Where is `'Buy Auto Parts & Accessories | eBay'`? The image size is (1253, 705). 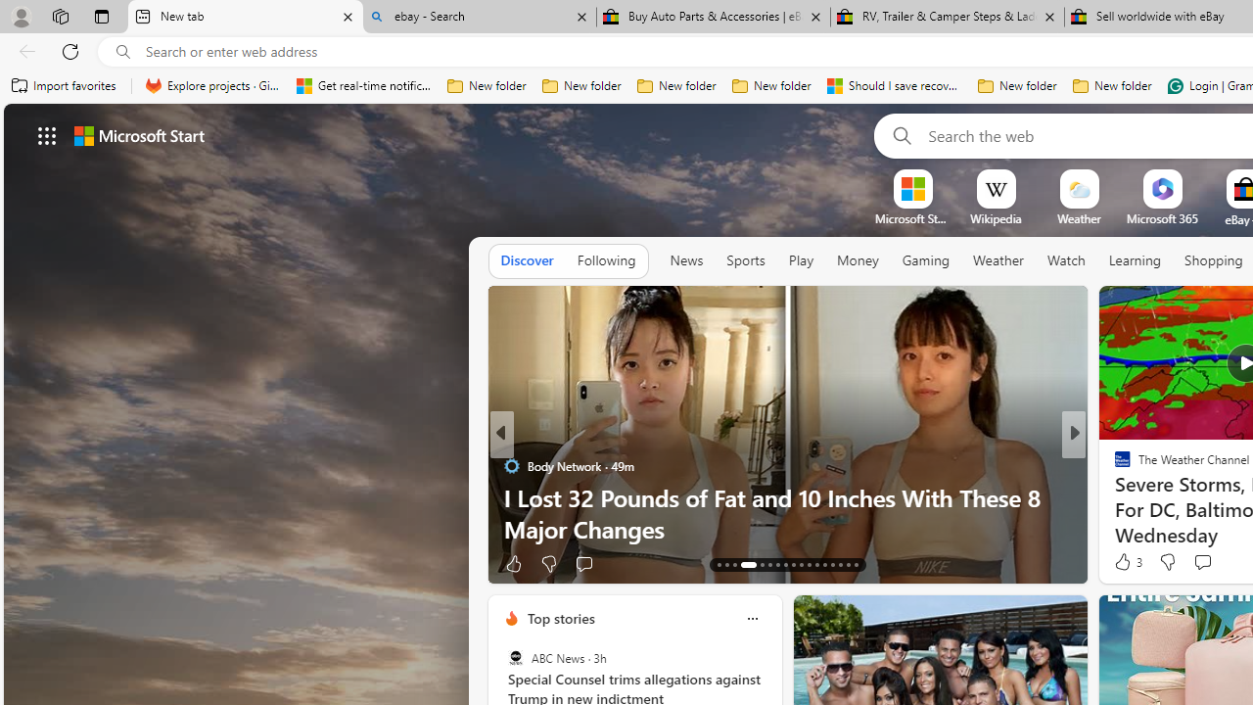 'Buy Auto Parts & Accessories | eBay' is located at coordinates (713, 17).